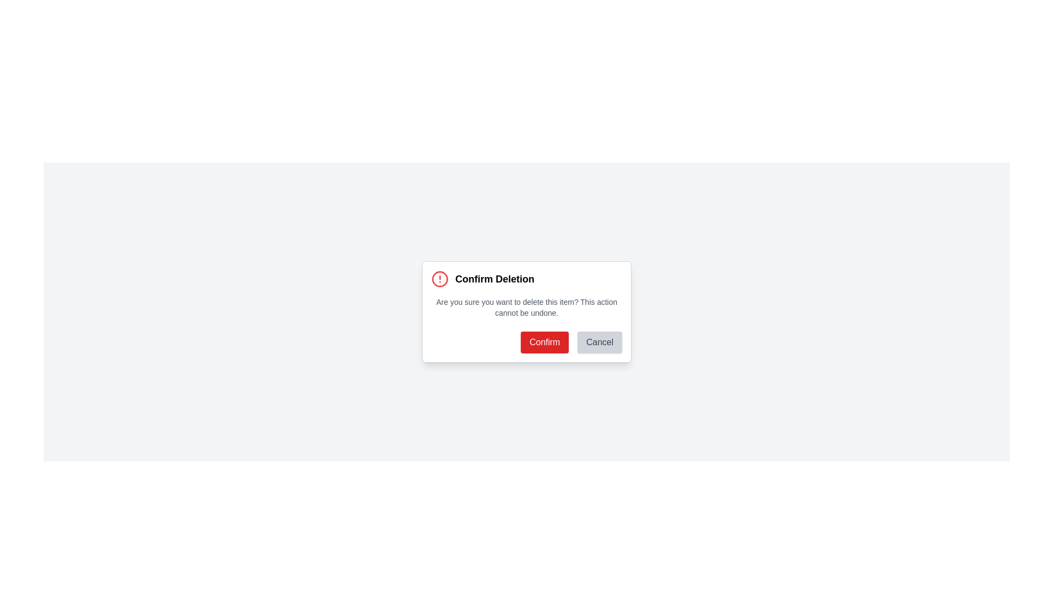 This screenshot has height=589, width=1047. What do you see at coordinates (494, 279) in the screenshot?
I see `the static text element that serves as the header for the confirmation dialog related to deleting an item, located to the right of a warning signal icon at the top of the modal dialog box` at bounding box center [494, 279].